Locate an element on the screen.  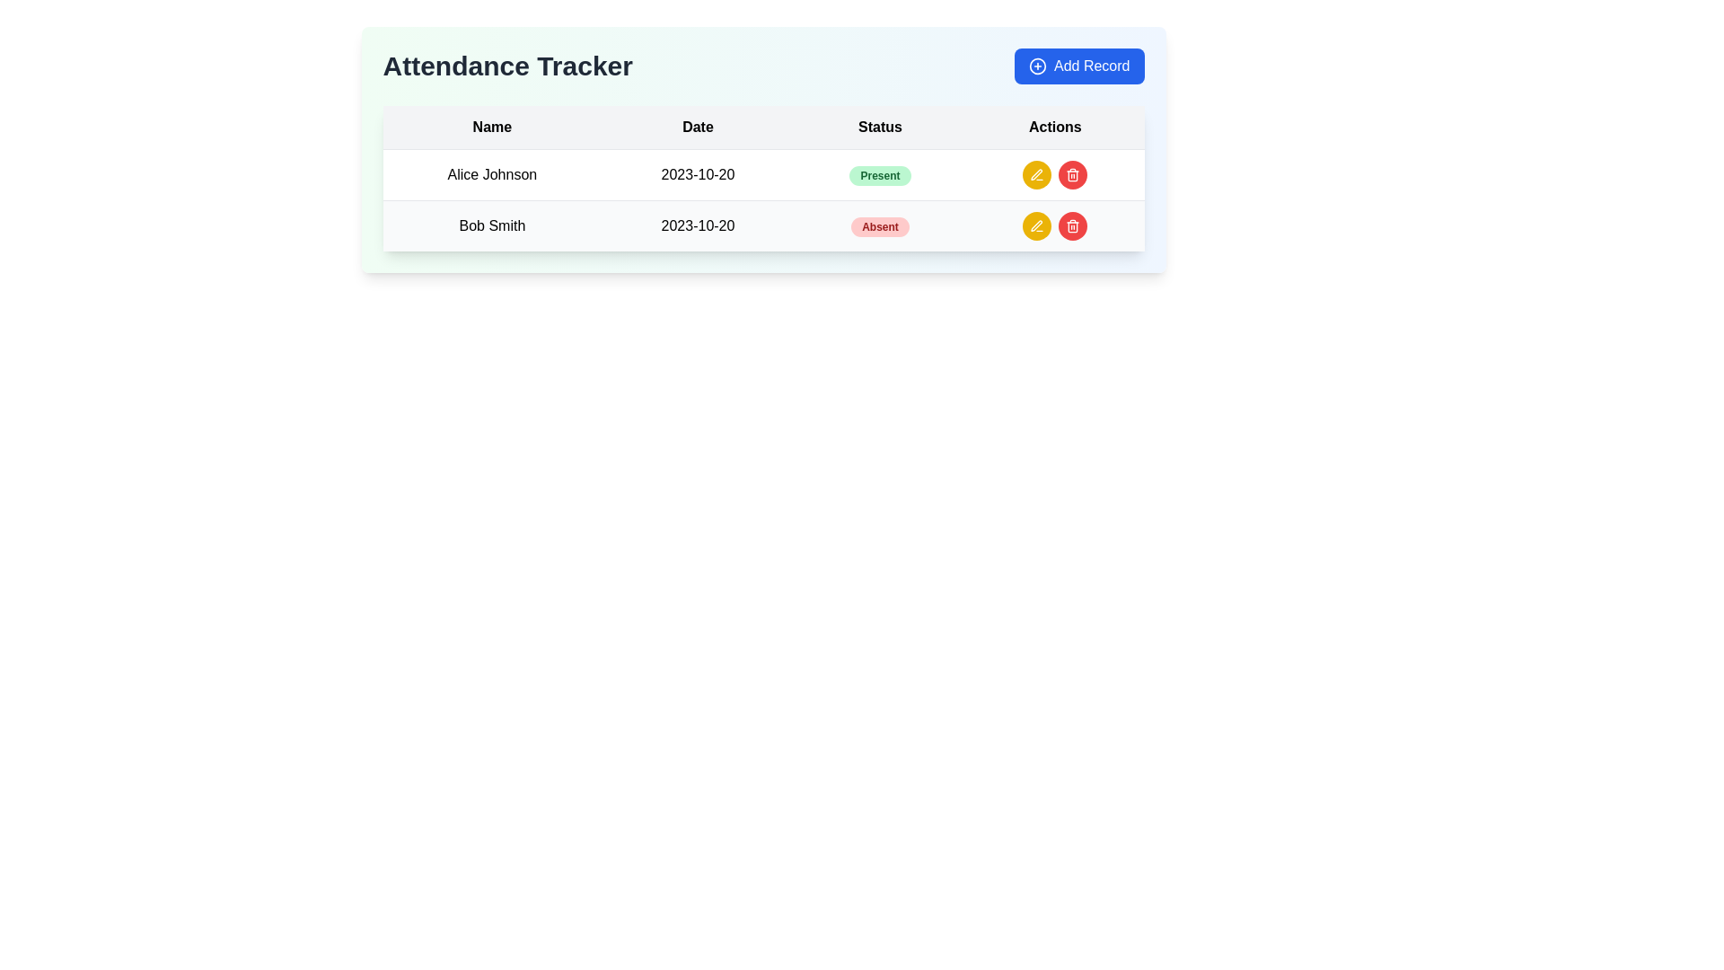
the edit button located in the 'Actions' column of the second row in the table to change its background color is located at coordinates (1037, 225).